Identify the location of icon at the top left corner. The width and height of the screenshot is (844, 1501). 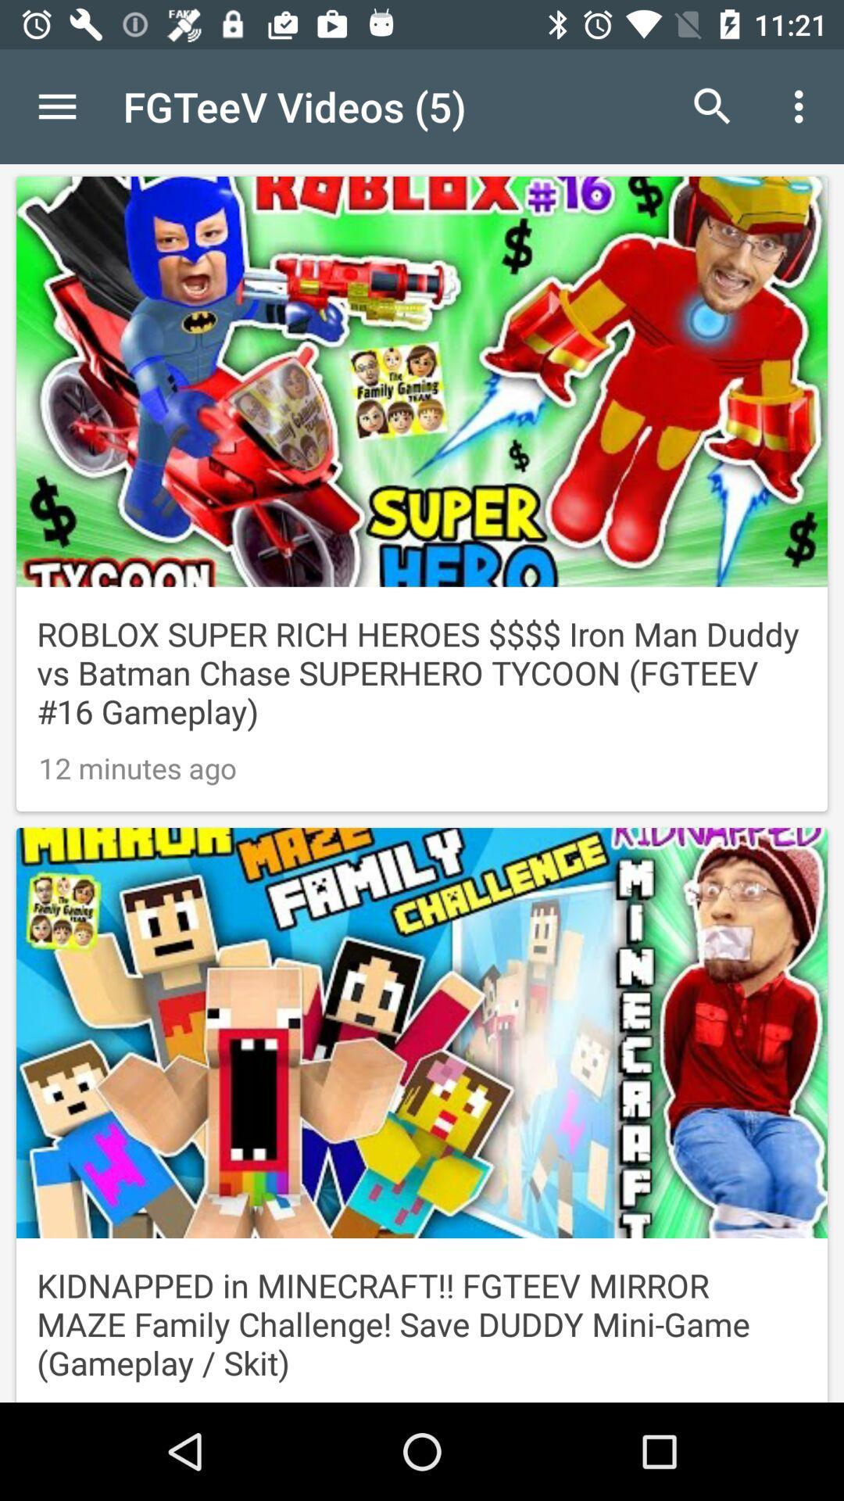
(56, 106).